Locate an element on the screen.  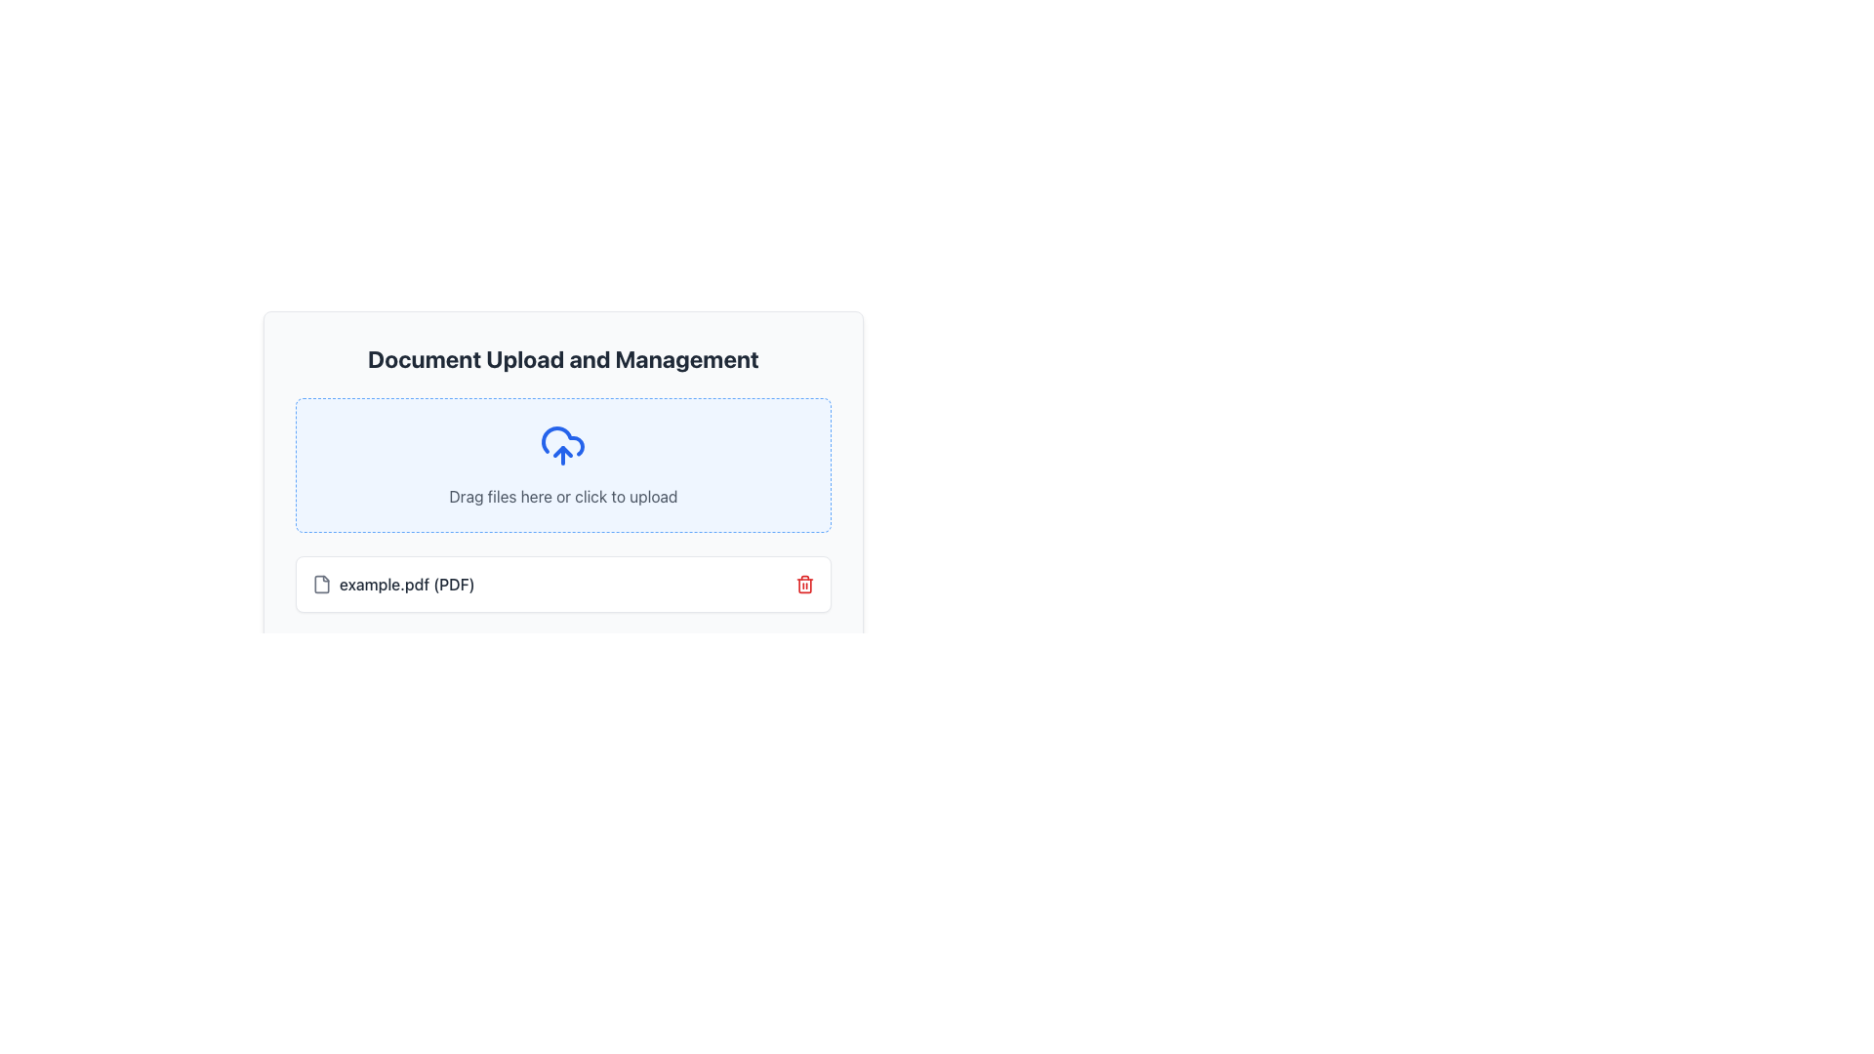
the text label displaying 'example.pdf (PDF)' in gray font, located at the bottom section of the document upload area, next to the file icon is located at coordinates (406, 583).